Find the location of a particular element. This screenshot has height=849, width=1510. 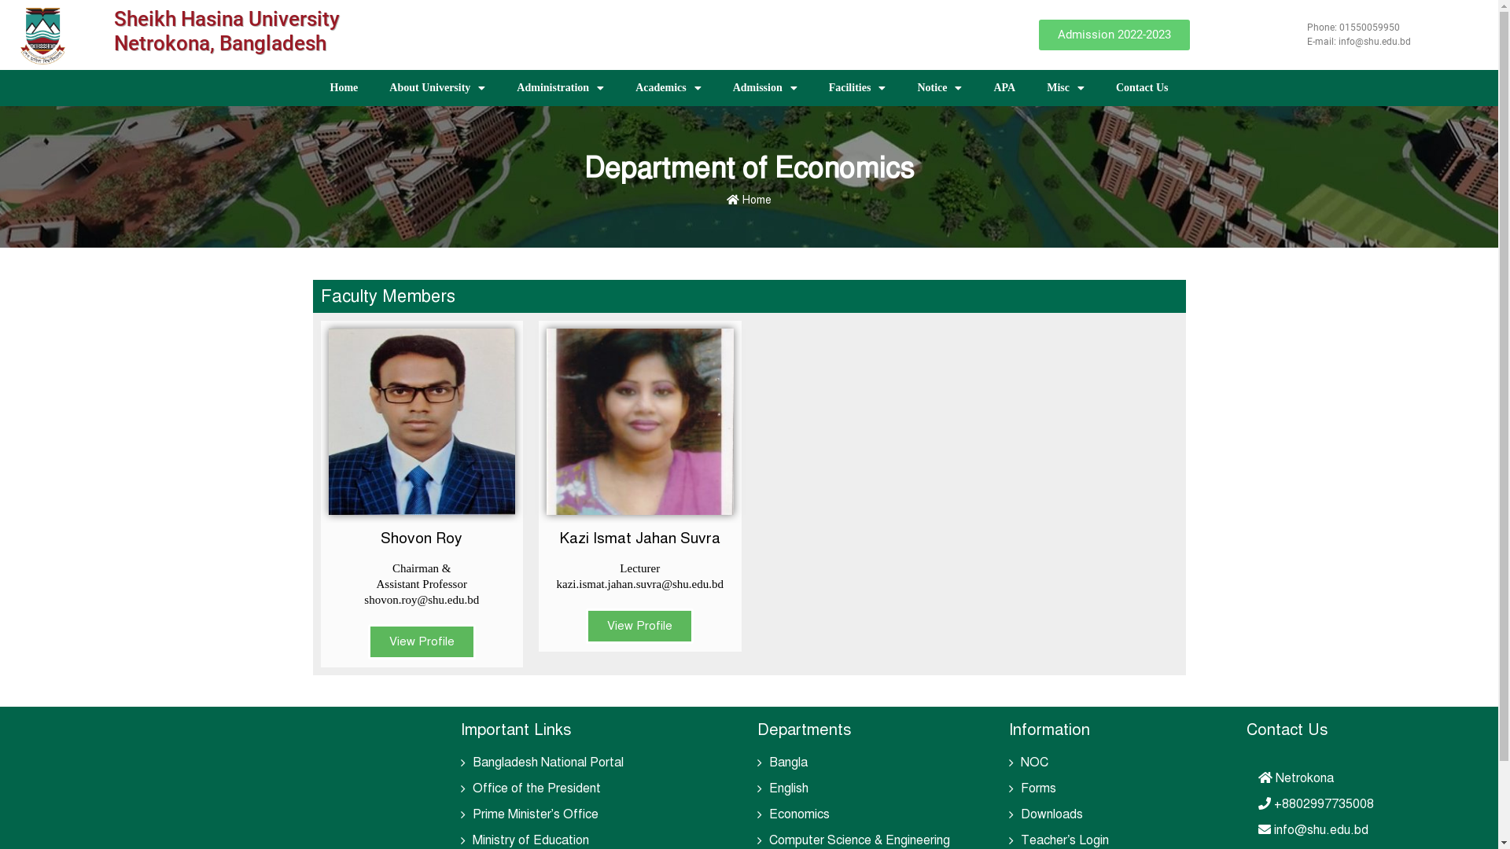

'NOC' is located at coordinates (1034, 761).